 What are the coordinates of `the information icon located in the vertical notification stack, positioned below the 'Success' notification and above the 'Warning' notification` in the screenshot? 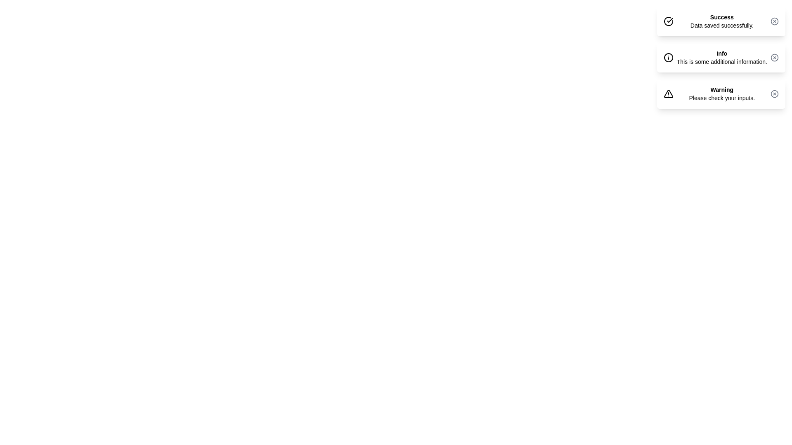 It's located at (668, 57).